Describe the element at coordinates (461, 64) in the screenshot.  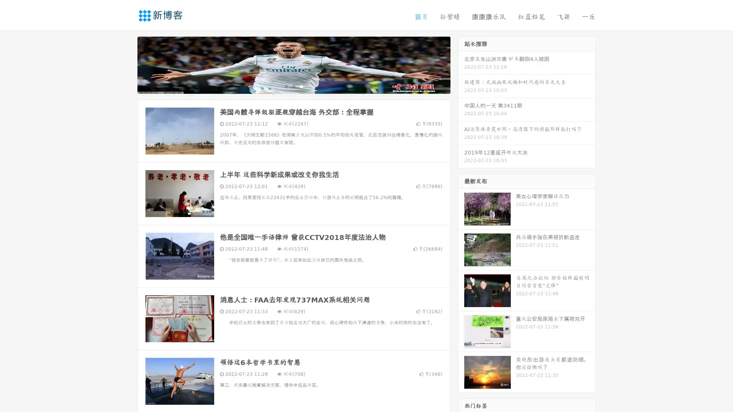
I see `Next slide` at that location.